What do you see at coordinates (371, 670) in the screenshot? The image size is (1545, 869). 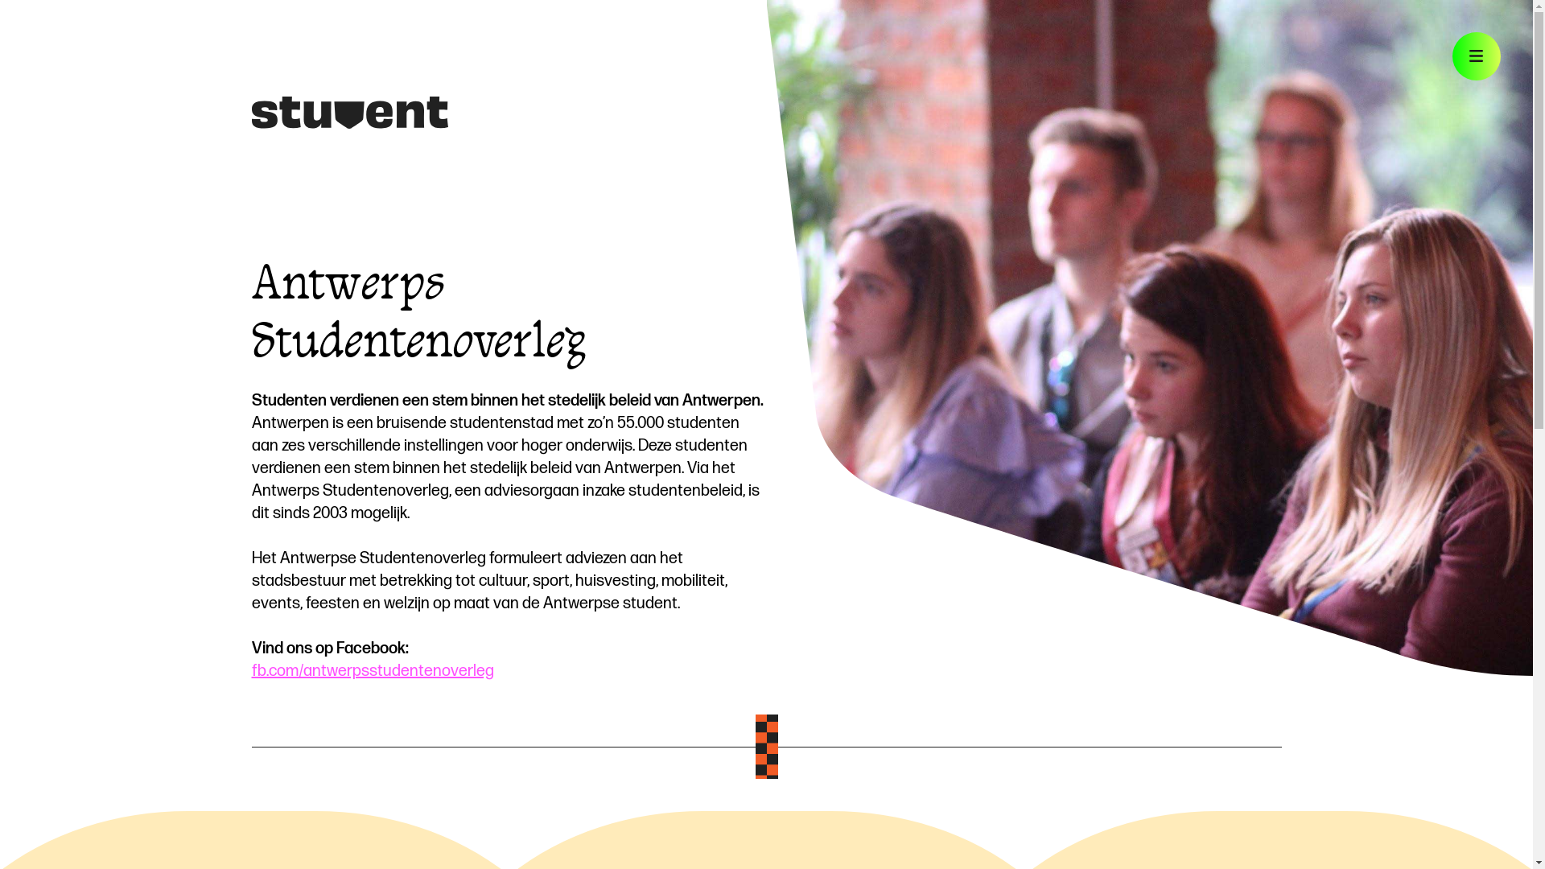 I see `'fb.com/antwerpsstudentenoverleg'` at bounding box center [371, 670].